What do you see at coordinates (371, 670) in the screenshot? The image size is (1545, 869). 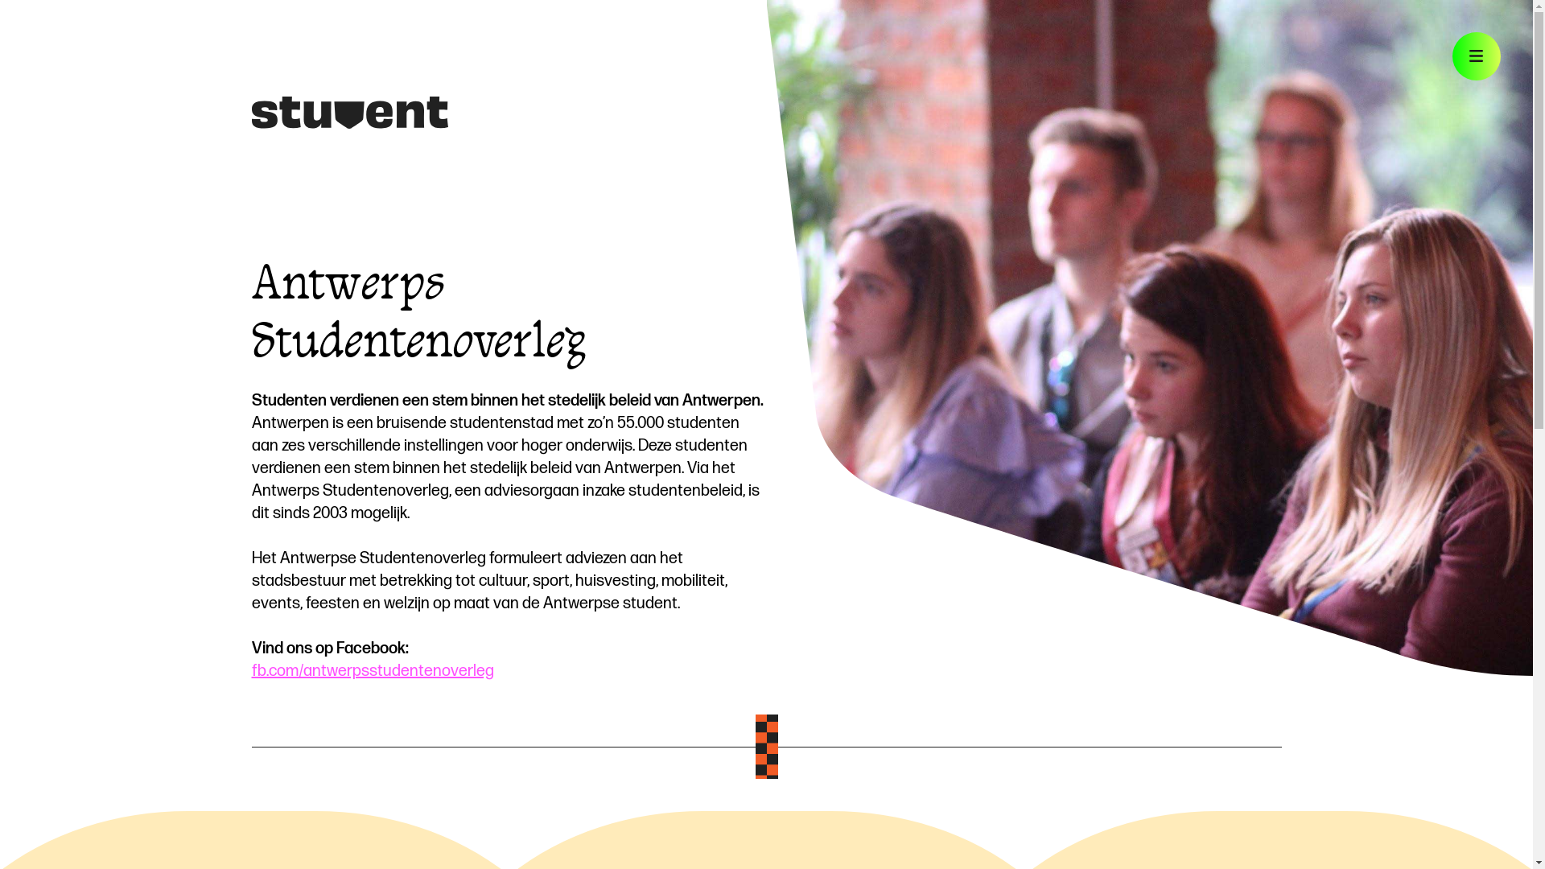 I see `'fb.com/antwerpsstudentenoverleg'` at bounding box center [371, 670].